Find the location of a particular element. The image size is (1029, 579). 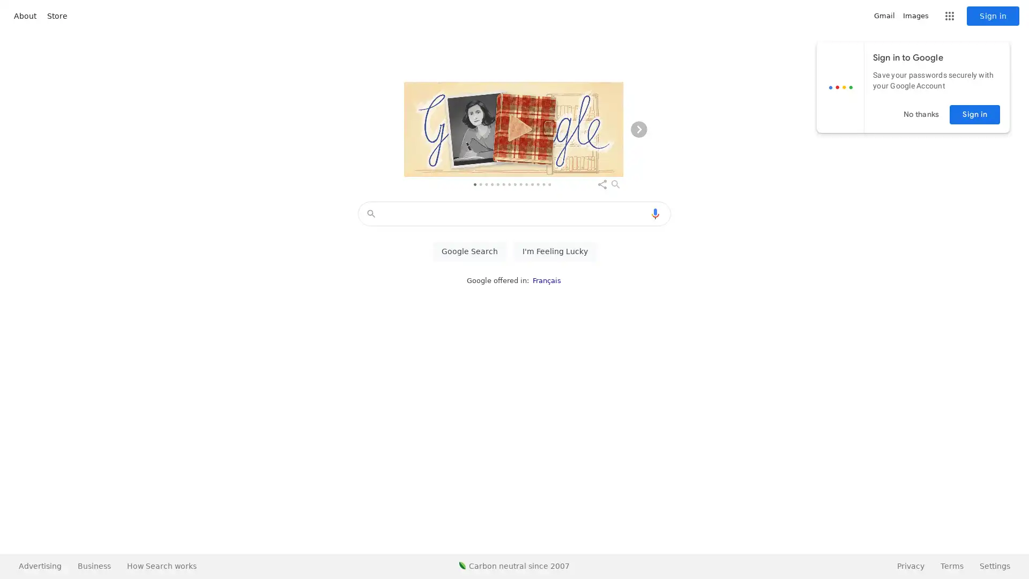

Search by voice is located at coordinates (655, 213).